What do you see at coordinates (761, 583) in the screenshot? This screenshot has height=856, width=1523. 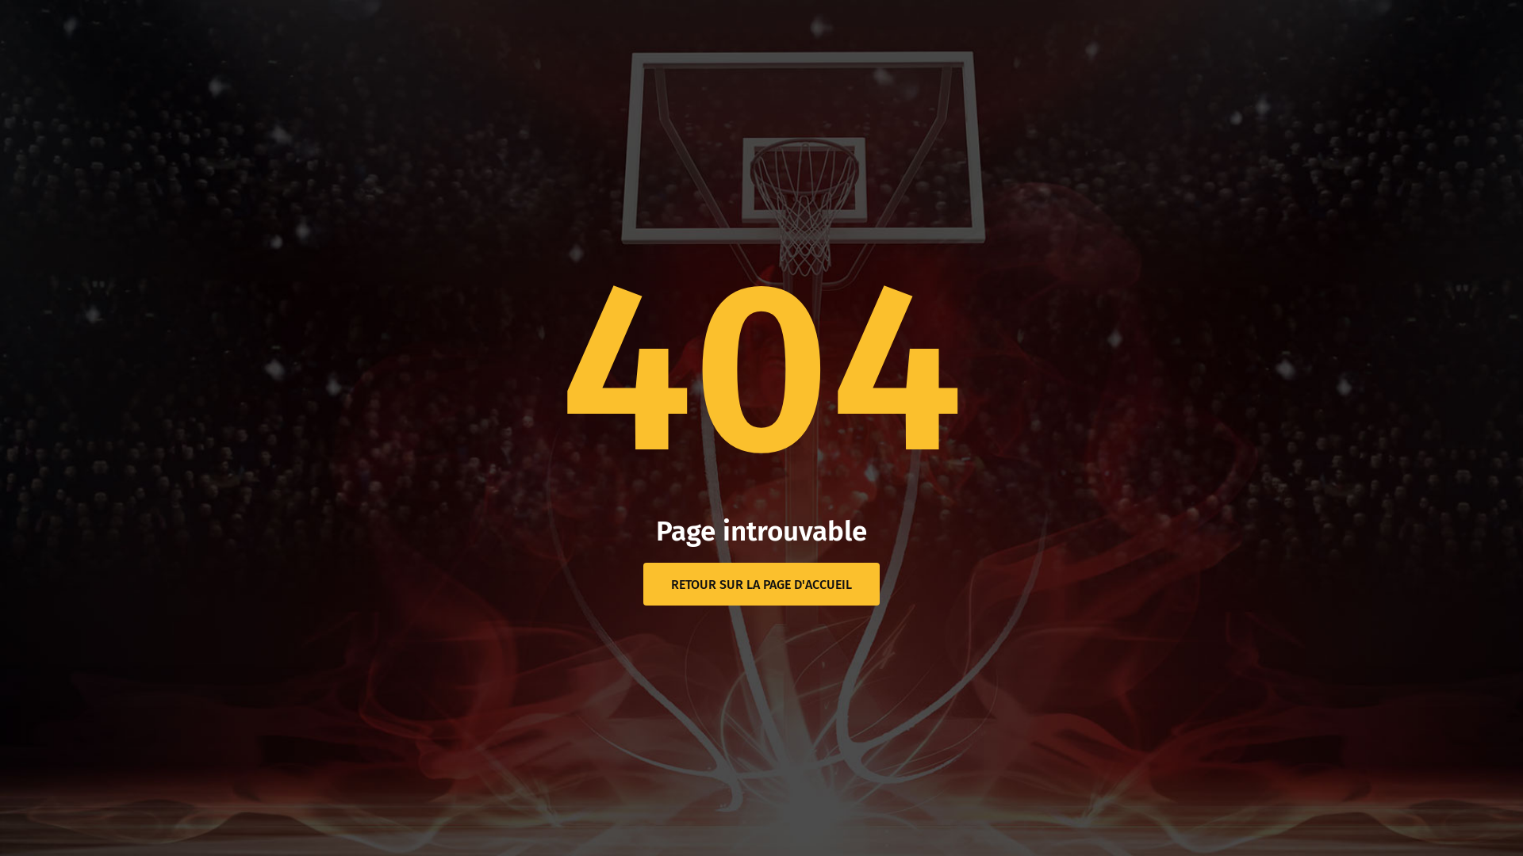 I see `'RETOUR SUR LA PAGE D'ACCUEIL'` at bounding box center [761, 583].